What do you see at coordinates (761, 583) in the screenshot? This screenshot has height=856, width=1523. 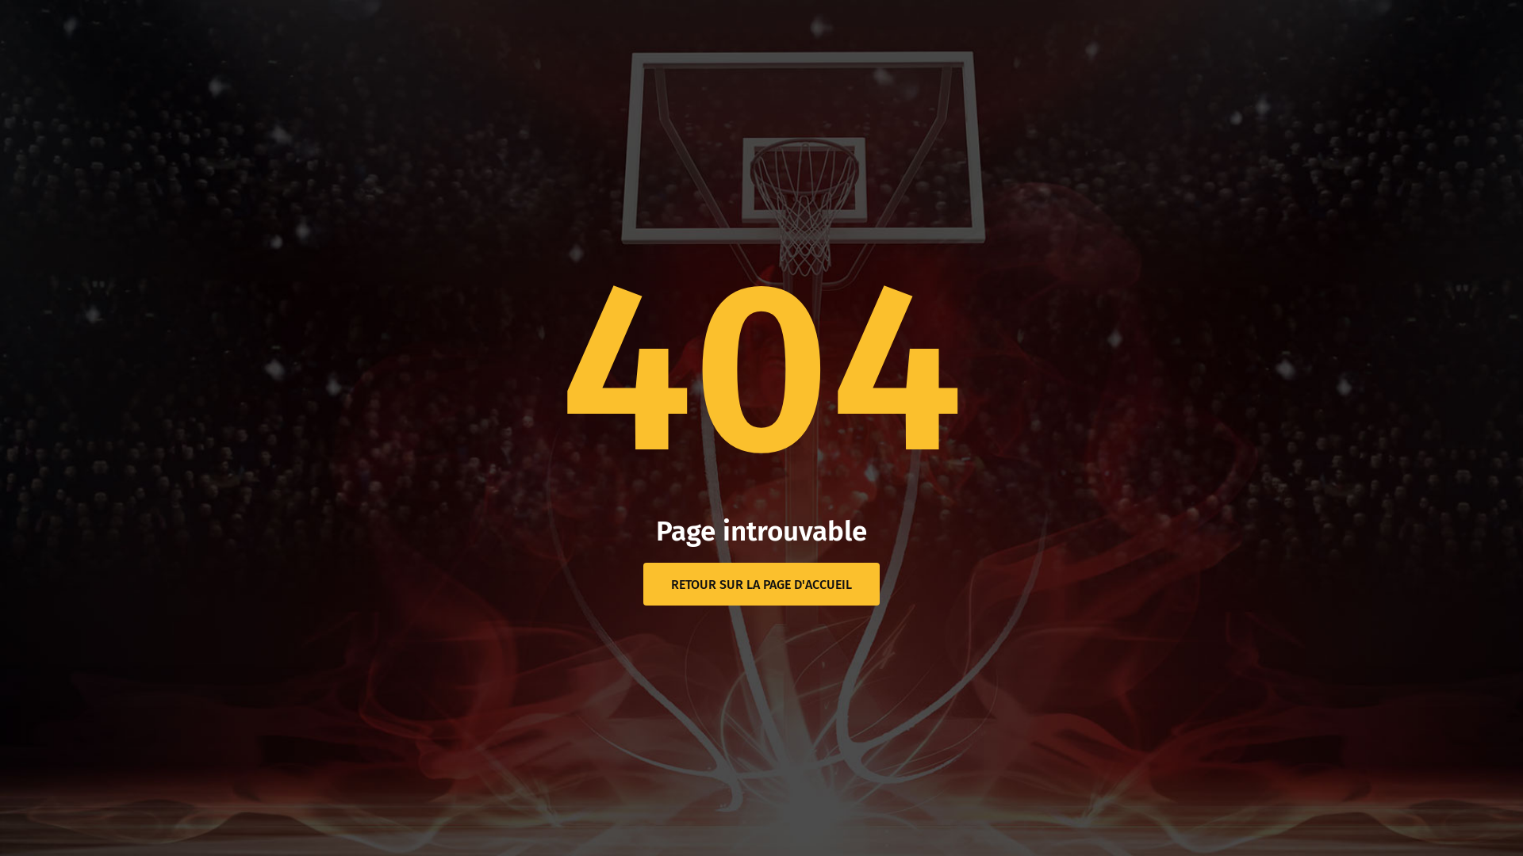 I see `'RETOUR SUR LA PAGE D'ACCUEIL'` at bounding box center [761, 583].